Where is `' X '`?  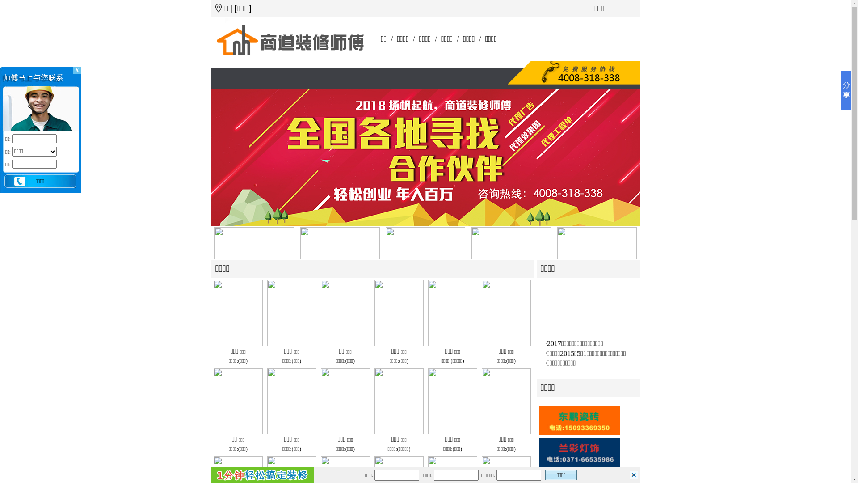
' X ' is located at coordinates (77, 70).